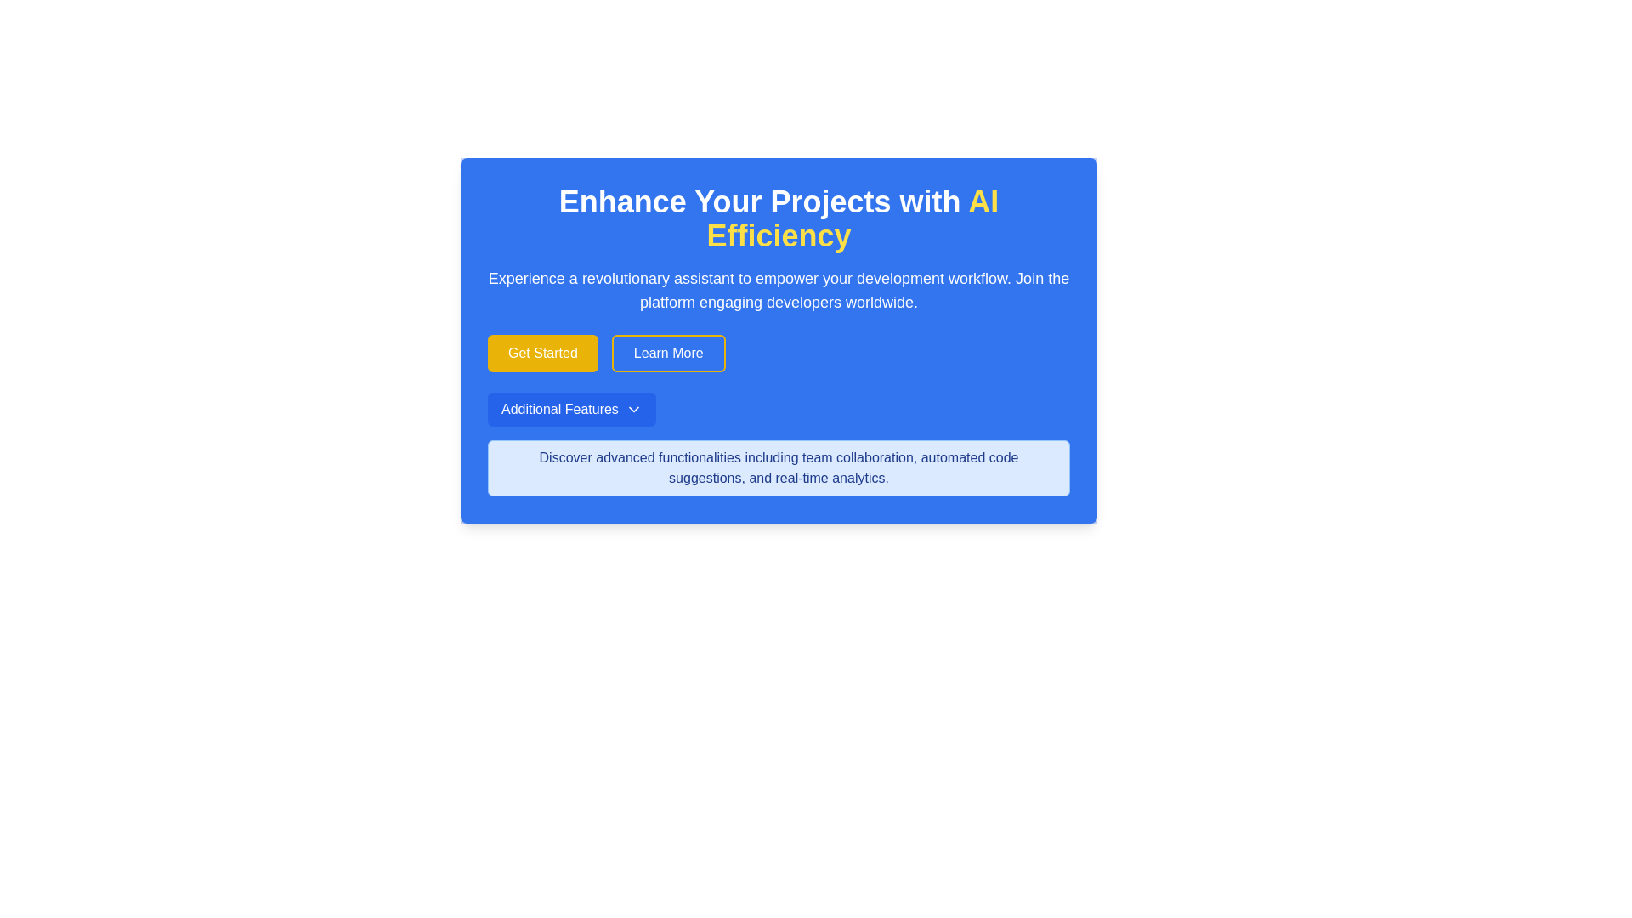 This screenshot has width=1632, height=918. Describe the element at coordinates (853, 218) in the screenshot. I see `the text element 'AI Efficiency', which is displayed in bold yellow font as part of the heading 'Enhance Your Projects with AI Efficiency'. It is located at the rightmost boundary of the heading` at that location.